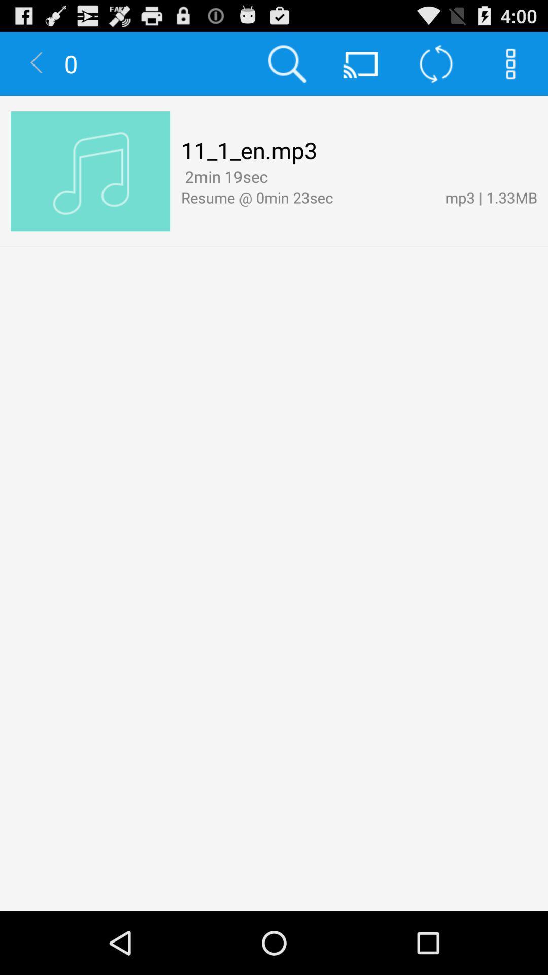  What do you see at coordinates (224, 176) in the screenshot?
I see `the  2min 19sec icon` at bounding box center [224, 176].